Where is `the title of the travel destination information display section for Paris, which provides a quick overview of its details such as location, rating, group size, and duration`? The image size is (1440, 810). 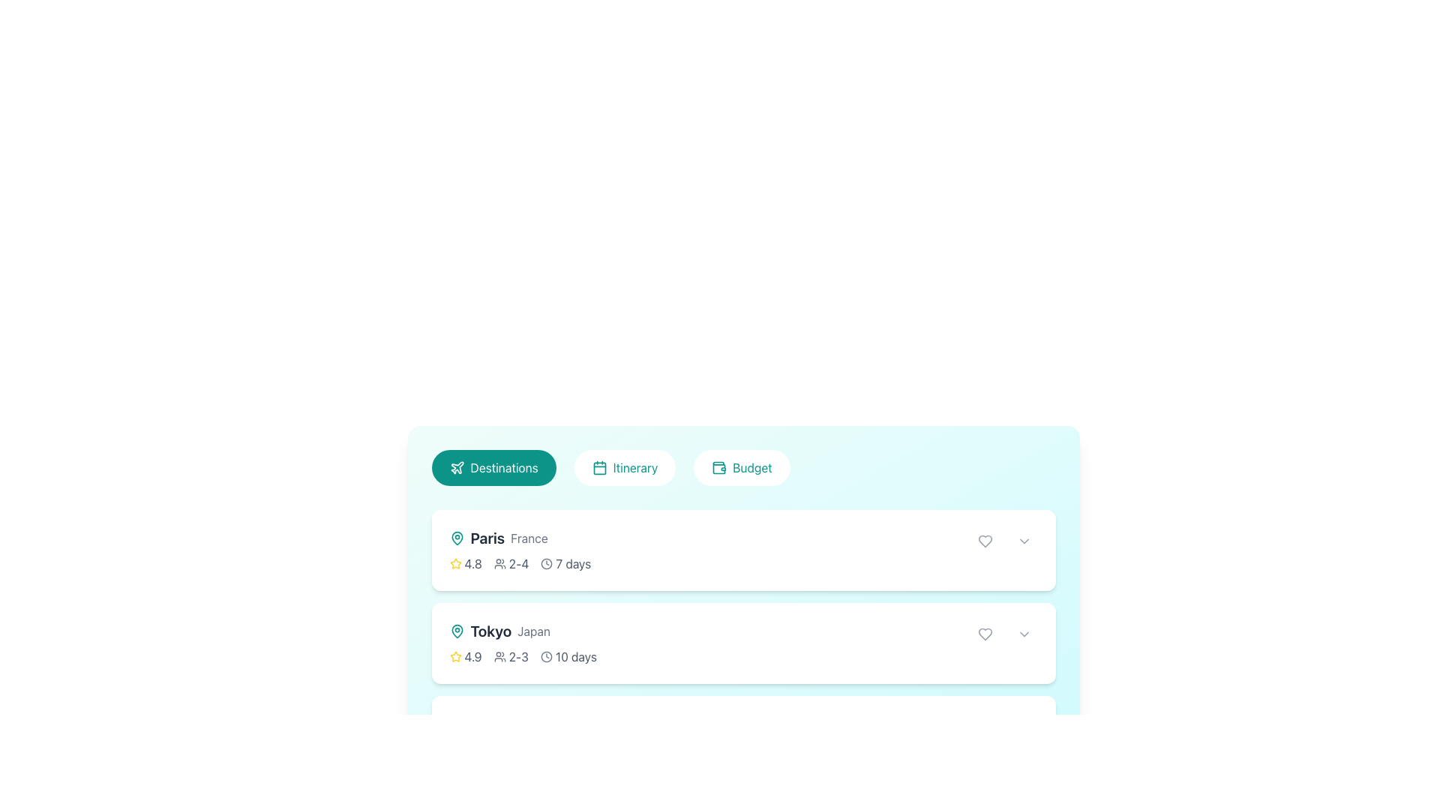 the title of the travel destination information display section for Paris, which provides a quick overview of its details such as location, rating, group size, and duration is located at coordinates (520, 550).